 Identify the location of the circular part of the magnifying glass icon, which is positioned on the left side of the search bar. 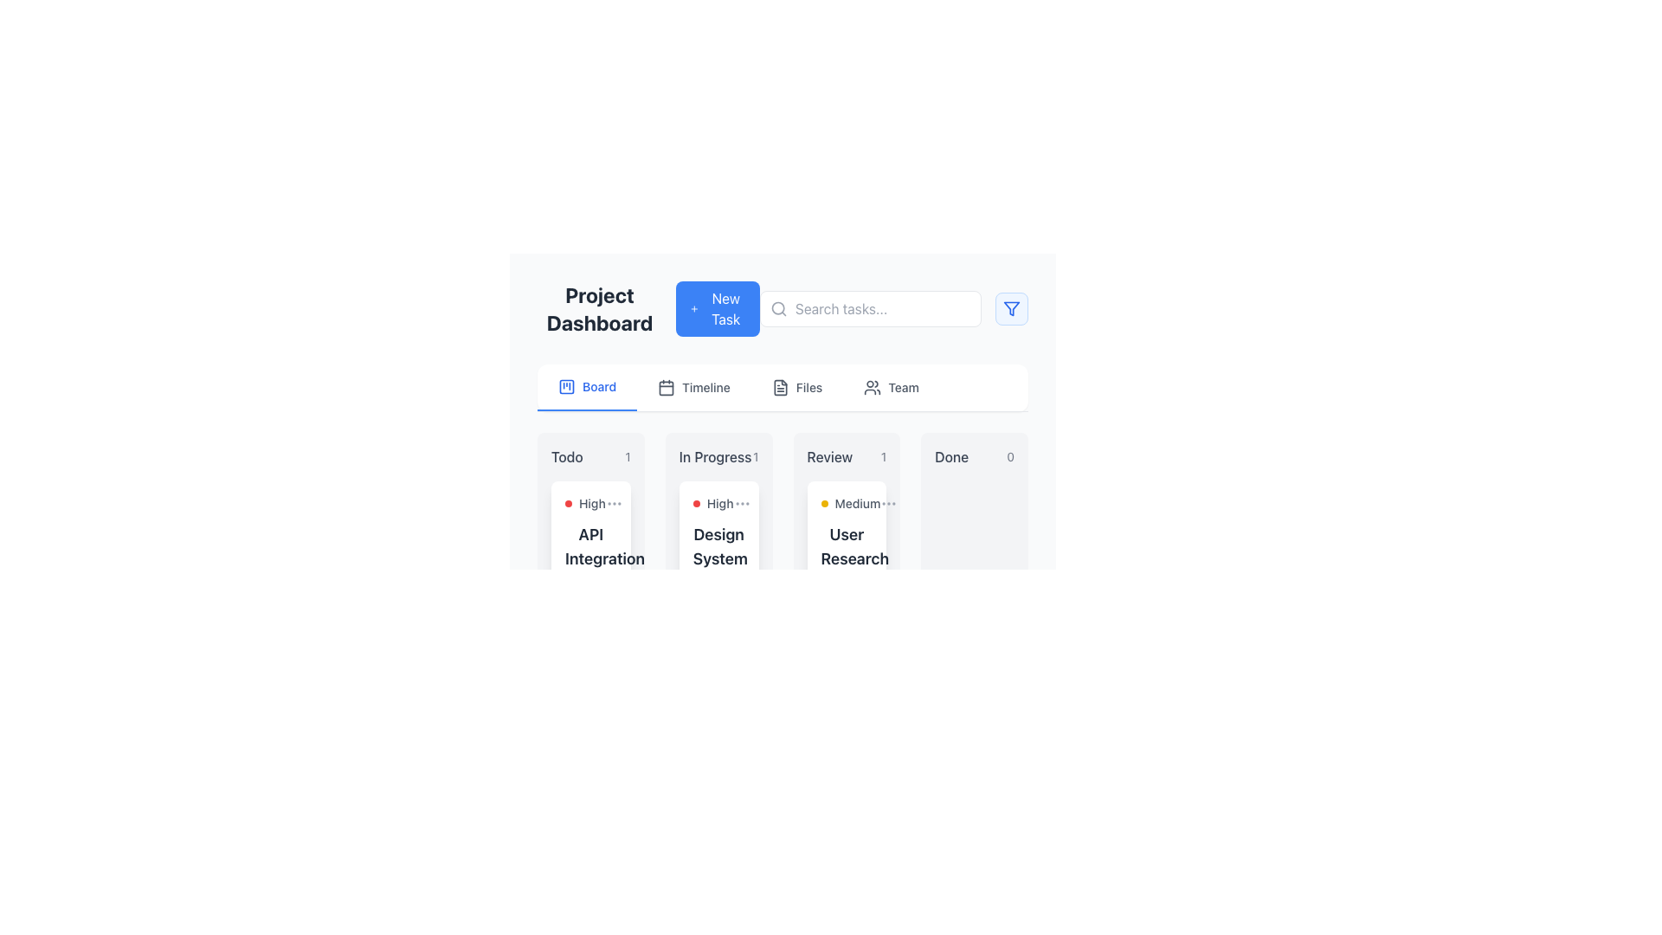
(777, 307).